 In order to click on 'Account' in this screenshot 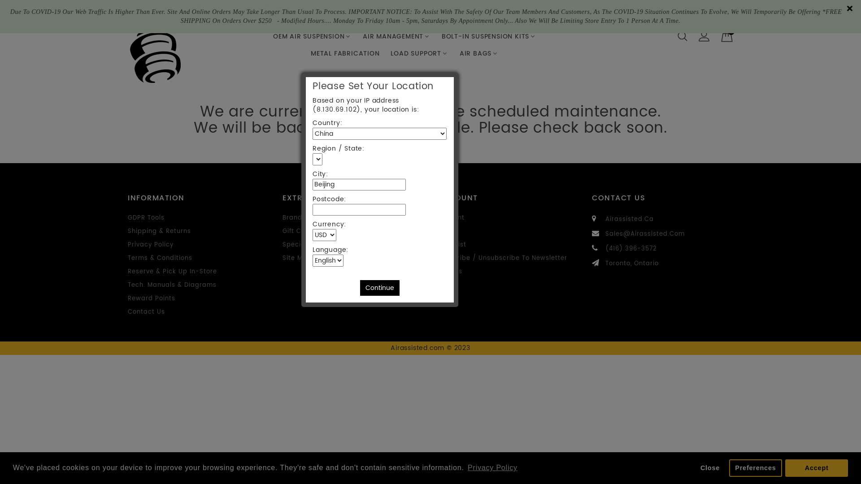, I will do `click(451, 218)`.